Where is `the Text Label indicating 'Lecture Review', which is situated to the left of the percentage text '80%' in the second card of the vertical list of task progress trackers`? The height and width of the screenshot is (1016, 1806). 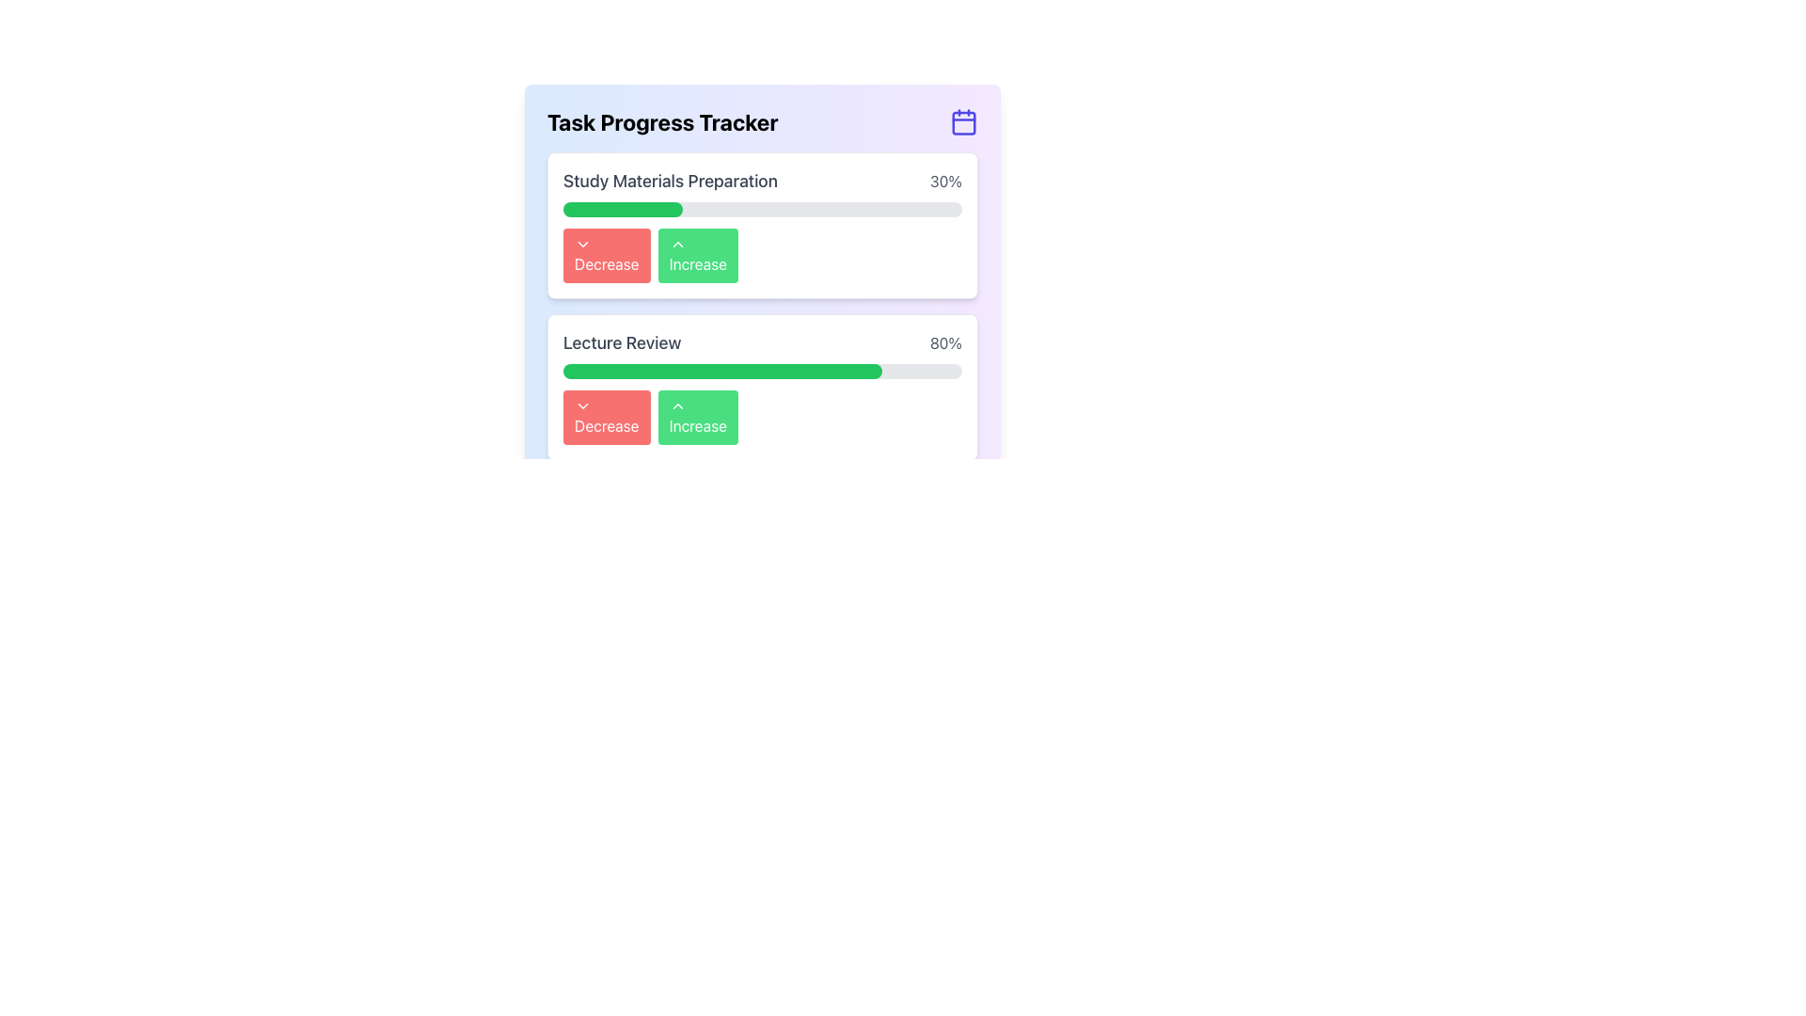 the Text Label indicating 'Lecture Review', which is situated to the left of the percentage text '80%' in the second card of the vertical list of task progress trackers is located at coordinates (622, 343).